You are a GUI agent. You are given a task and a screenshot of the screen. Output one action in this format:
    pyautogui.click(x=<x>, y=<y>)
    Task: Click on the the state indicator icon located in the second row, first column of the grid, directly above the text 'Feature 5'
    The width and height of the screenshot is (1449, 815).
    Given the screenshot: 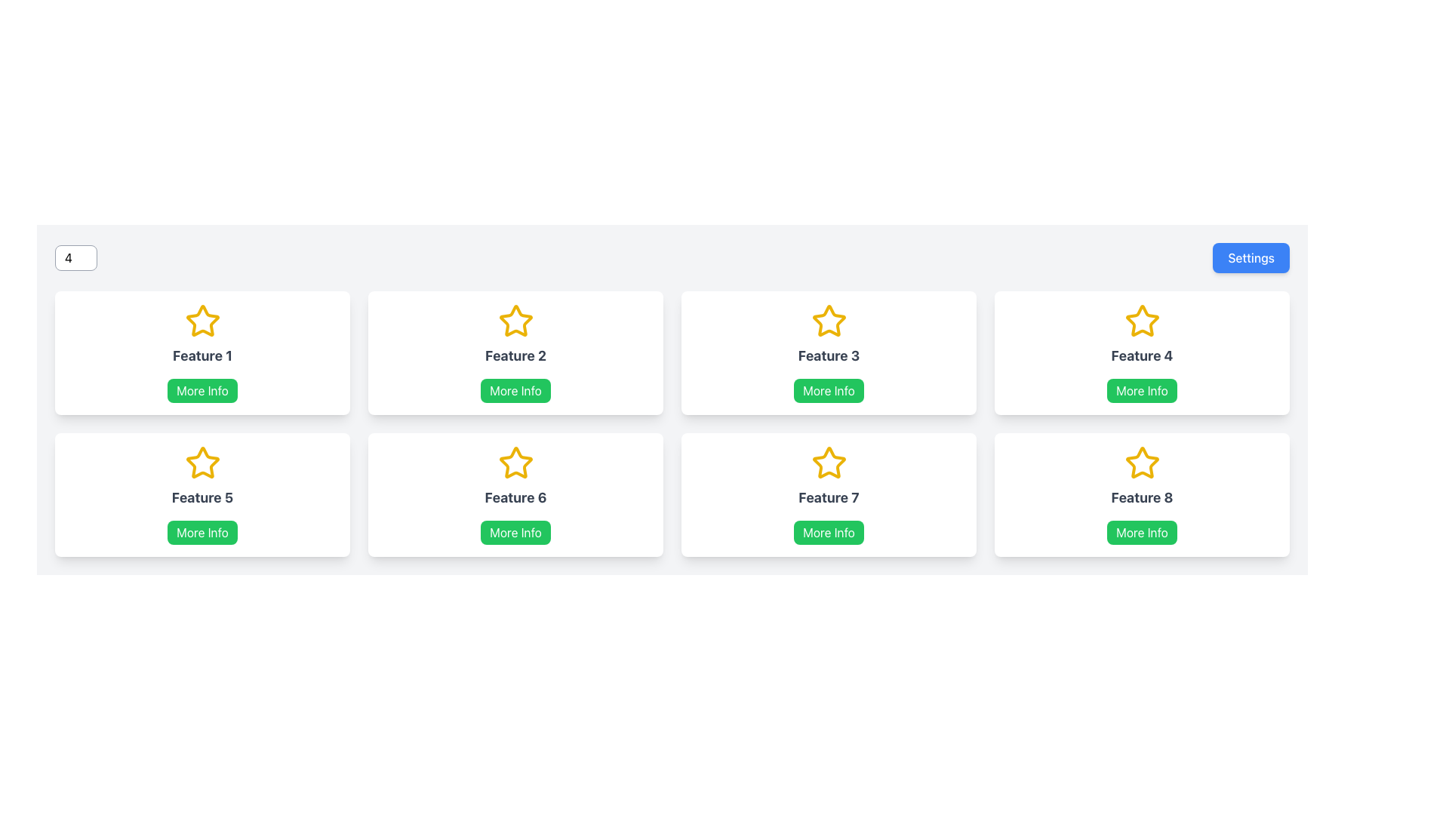 What is the action you would take?
    pyautogui.click(x=202, y=462)
    